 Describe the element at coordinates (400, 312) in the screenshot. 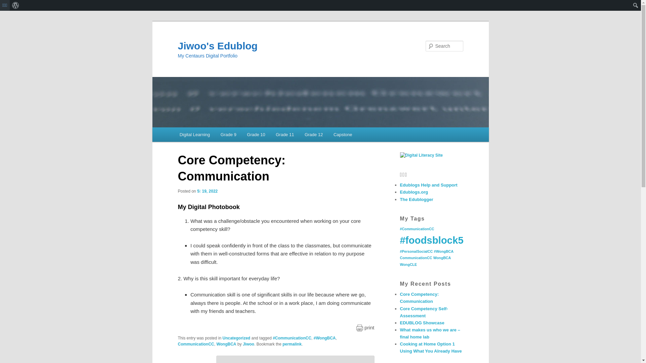

I see `'Core Competency Self-Assessment'` at that location.